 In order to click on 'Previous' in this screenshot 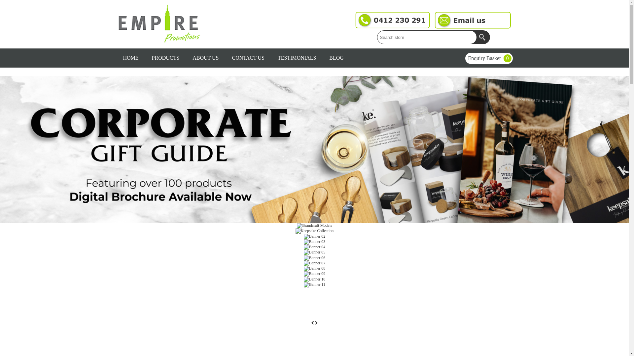, I will do `click(310, 322)`.